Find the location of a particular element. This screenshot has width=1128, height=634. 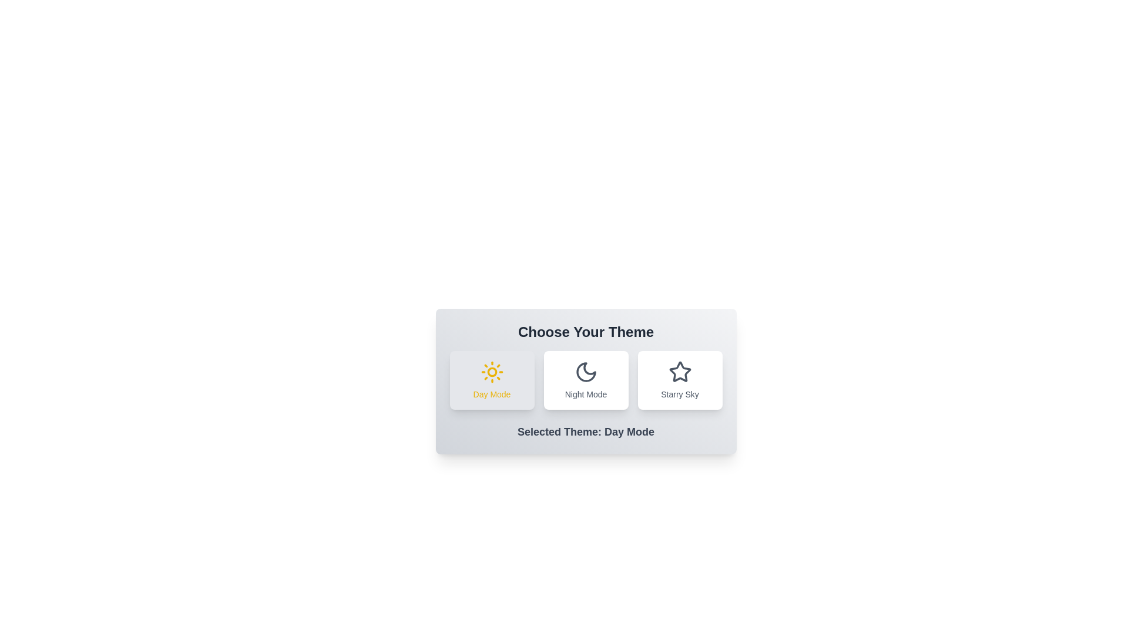

the theme Day Mode by clicking on its corresponding button is located at coordinates (492, 380).